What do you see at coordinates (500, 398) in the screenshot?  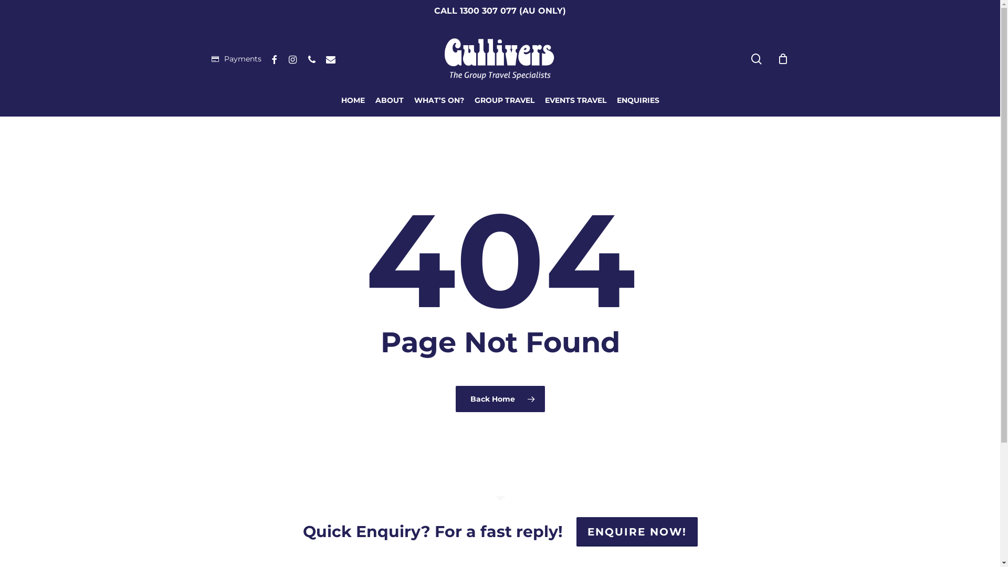 I see `'Back Home'` at bounding box center [500, 398].